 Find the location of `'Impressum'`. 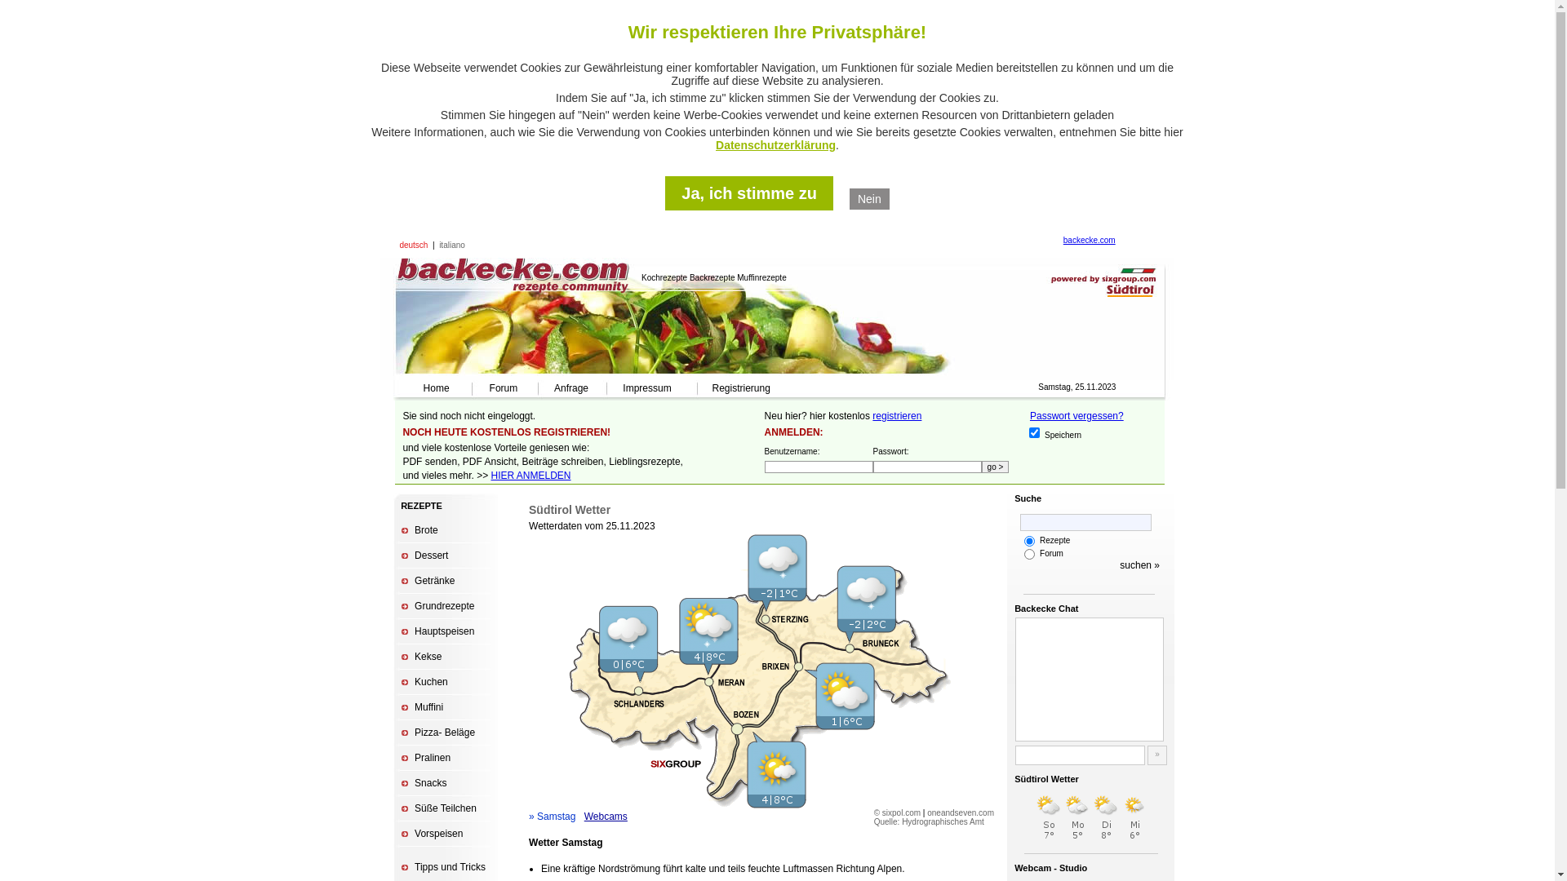

'Impressum' is located at coordinates (646, 387).